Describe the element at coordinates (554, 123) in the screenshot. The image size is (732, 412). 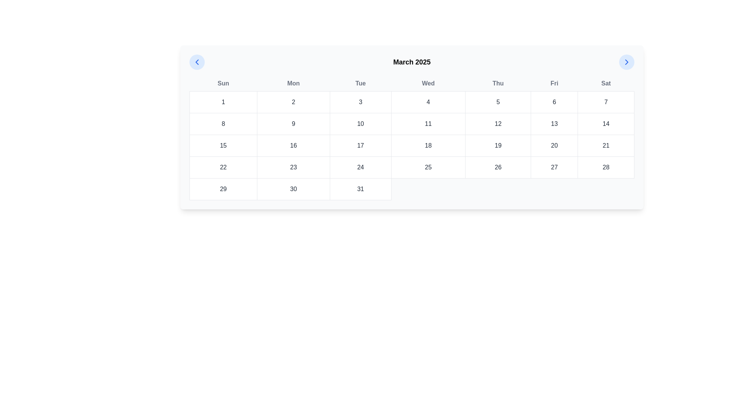
I see `the static text element displaying the day '13' in the calendar, located in the third column of the week row` at that location.